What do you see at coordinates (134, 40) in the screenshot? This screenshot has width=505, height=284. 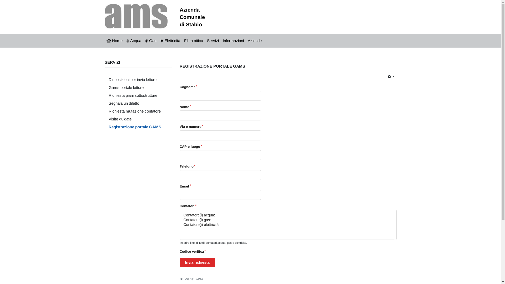 I see `'Acqua'` at bounding box center [134, 40].